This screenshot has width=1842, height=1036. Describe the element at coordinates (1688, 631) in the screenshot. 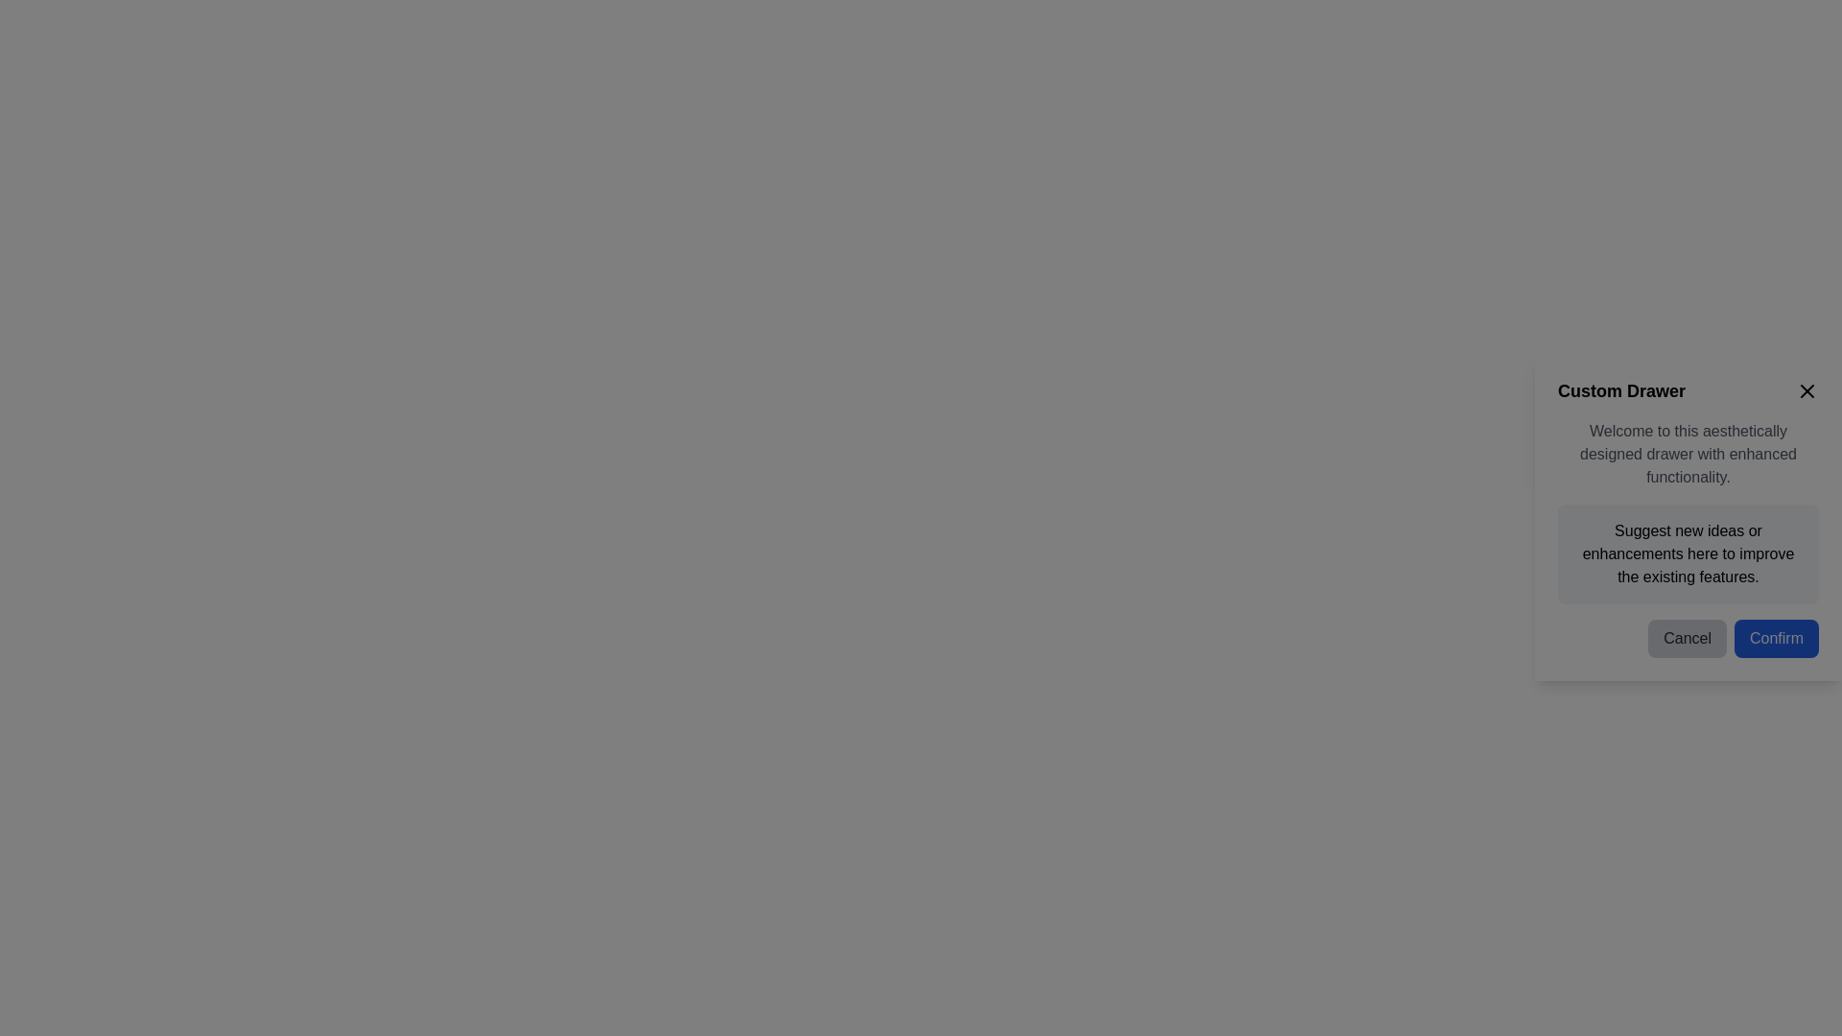

I see `the 'Cancel' button located at the bottom-right corner of the 'Custom Drawer' modal dialog to discard any unsaved changes and close the dialog` at that location.